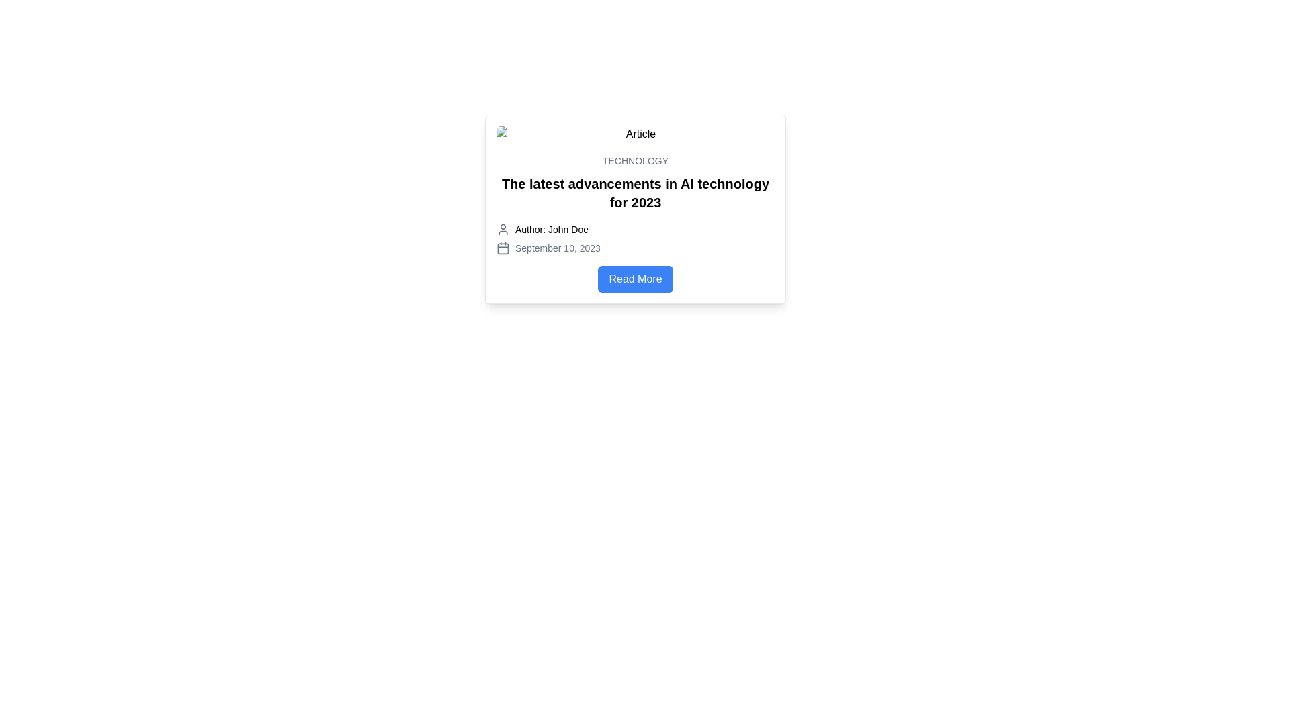 The height and width of the screenshot is (725, 1290). Describe the element at coordinates (634, 193) in the screenshot. I see `the text display that states 'The latest advancements in AI technology for 2023', which is bold and center-aligned within its card component` at that location.